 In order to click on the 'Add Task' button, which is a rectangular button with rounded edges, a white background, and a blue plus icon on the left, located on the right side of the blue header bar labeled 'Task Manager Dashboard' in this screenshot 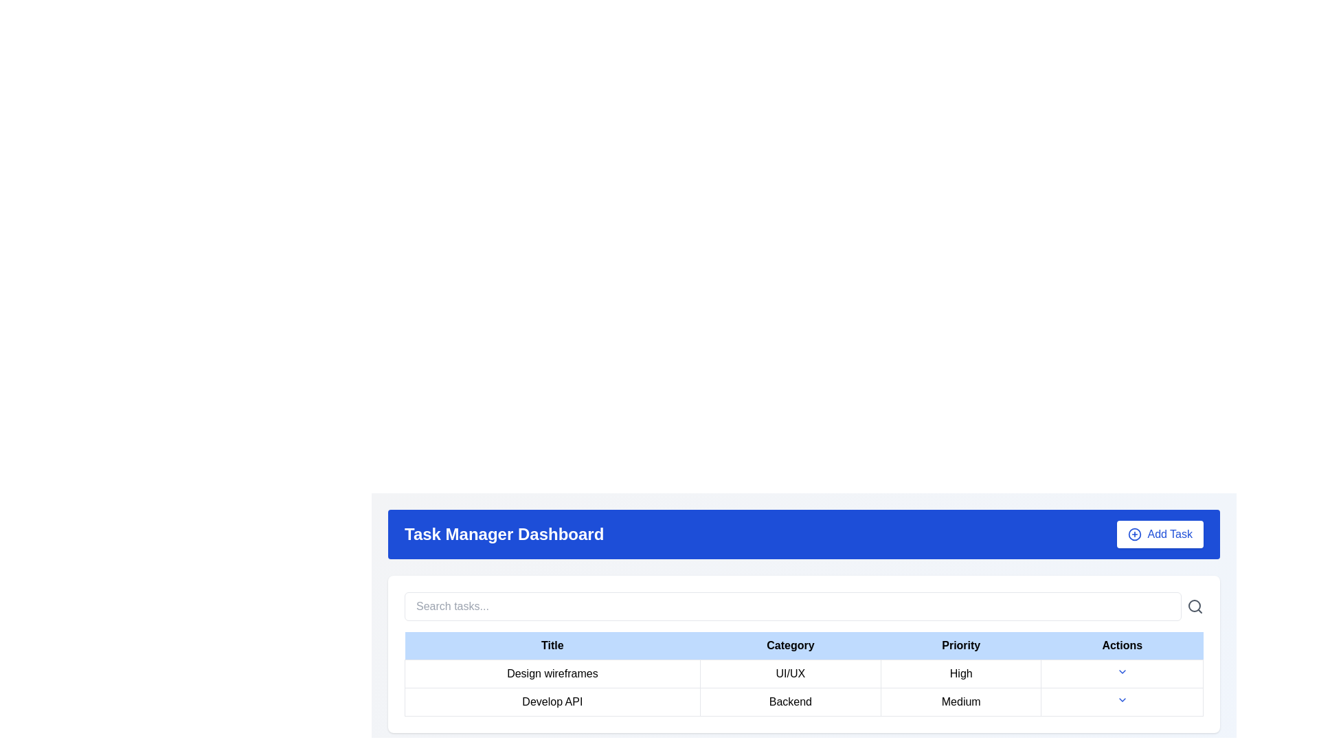, I will do `click(1160, 534)`.